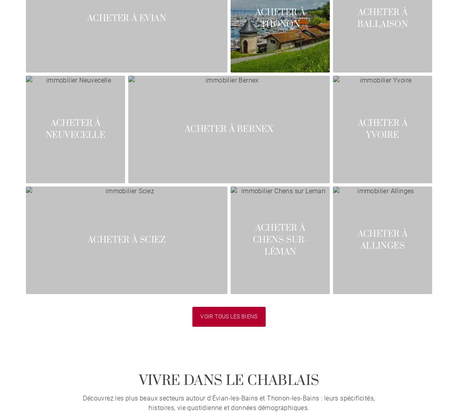 This screenshot has height=418, width=474. What do you see at coordinates (229, 381) in the screenshot?
I see `'VIVRE DANS LE CHABLAIS'` at bounding box center [229, 381].